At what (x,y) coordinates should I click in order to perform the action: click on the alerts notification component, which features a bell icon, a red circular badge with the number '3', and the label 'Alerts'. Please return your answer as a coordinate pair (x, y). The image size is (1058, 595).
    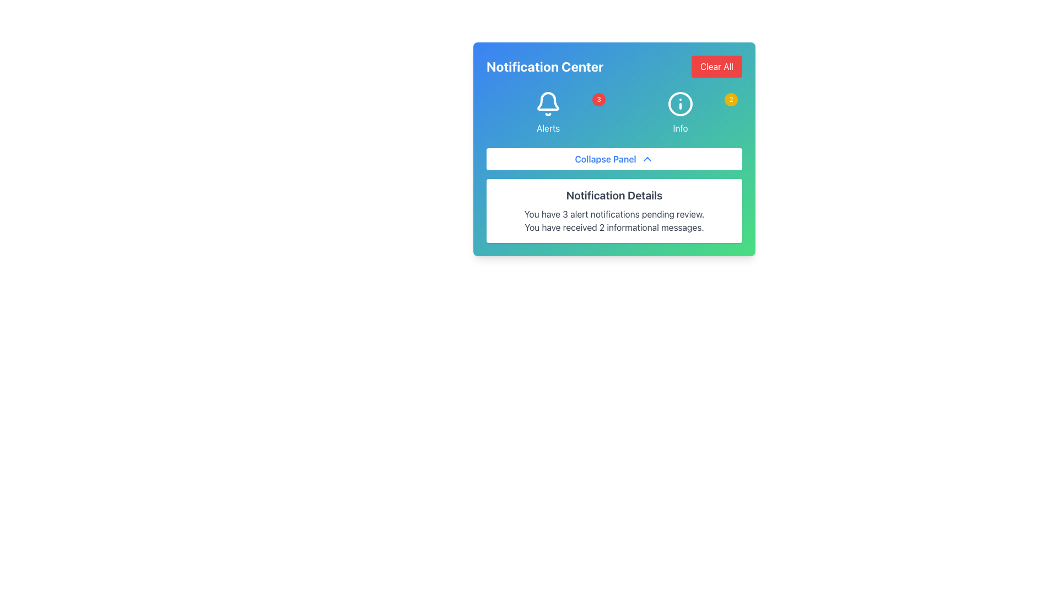
    Looking at the image, I should click on (548, 112).